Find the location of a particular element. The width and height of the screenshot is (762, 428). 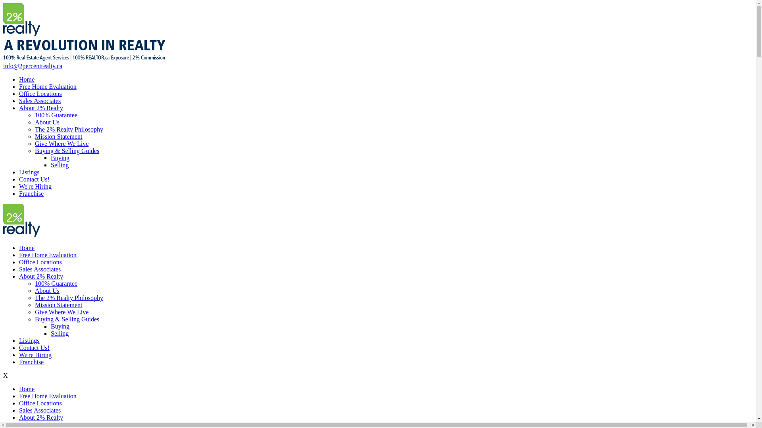

'About 2% Realty' is located at coordinates (40, 108).